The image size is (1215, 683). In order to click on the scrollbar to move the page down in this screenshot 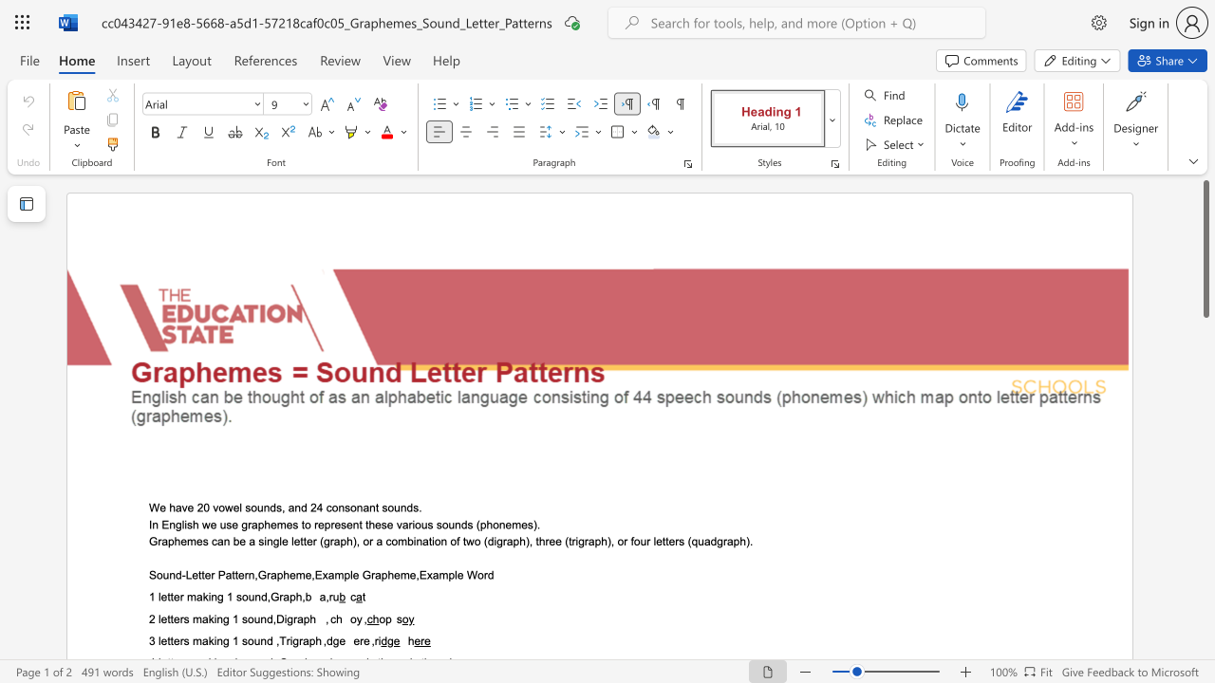, I will do `click(1205, 501)`.